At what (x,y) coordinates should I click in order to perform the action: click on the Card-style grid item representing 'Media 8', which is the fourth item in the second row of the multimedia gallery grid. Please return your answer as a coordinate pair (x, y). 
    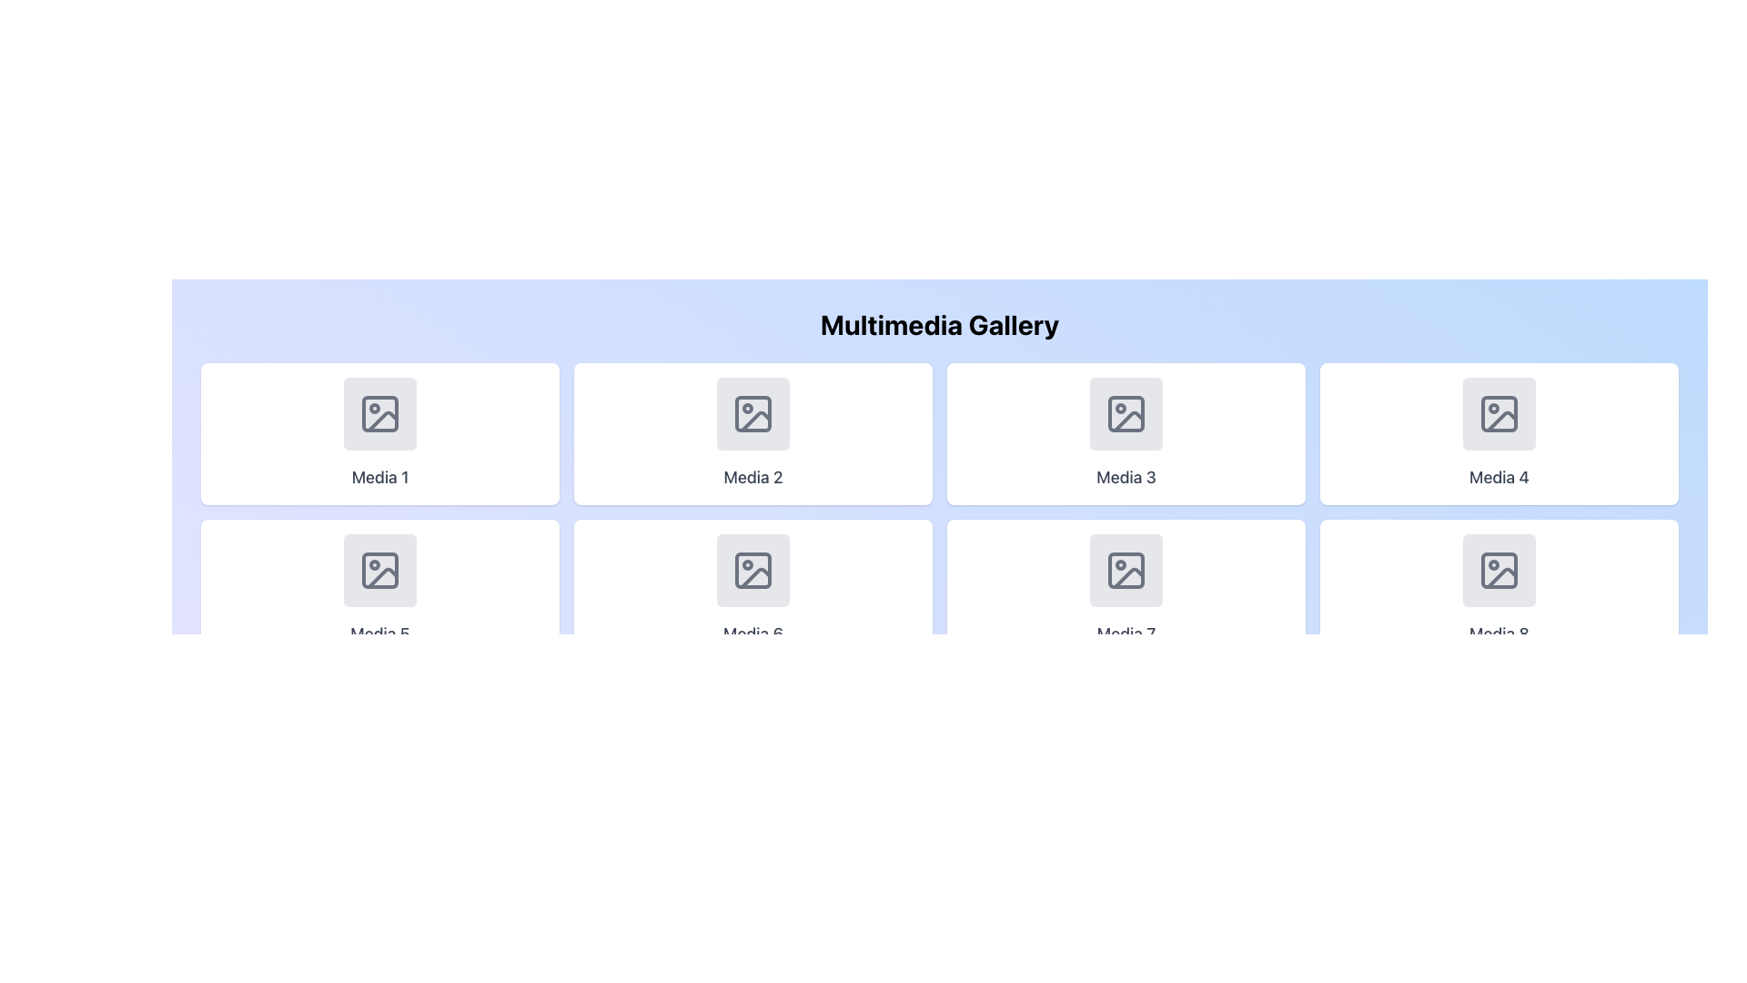
    Looking at the image, I should click on (1499, 590).